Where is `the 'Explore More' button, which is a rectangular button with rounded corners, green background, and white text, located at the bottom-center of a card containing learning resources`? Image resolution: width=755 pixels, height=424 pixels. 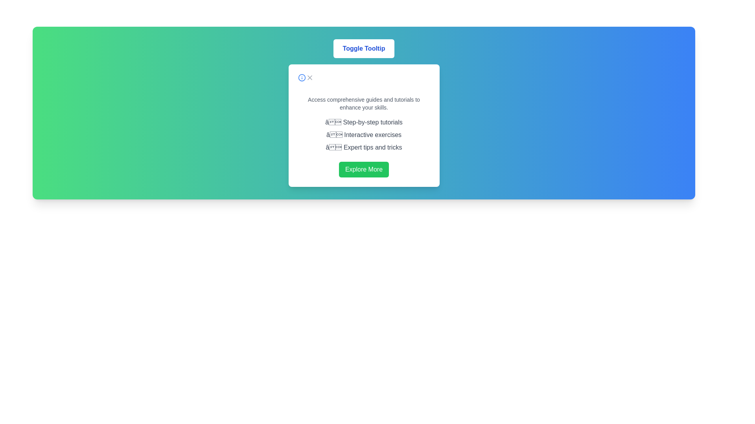
the 'Explore More' button, which is a rectangular button with rounded corners, green background, and white text, located at the bottom-center of a card containing learning resources is located at coordinates (363, 169).